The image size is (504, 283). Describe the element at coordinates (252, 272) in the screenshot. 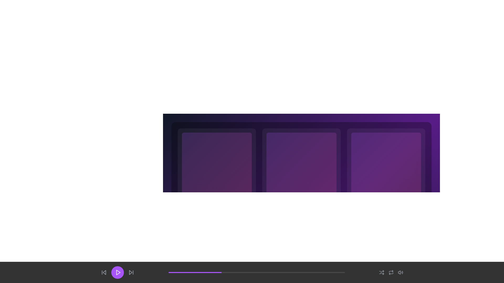

I see `the highlighted center marker of the purple progress bar located at the bottom of the interface` at that location.